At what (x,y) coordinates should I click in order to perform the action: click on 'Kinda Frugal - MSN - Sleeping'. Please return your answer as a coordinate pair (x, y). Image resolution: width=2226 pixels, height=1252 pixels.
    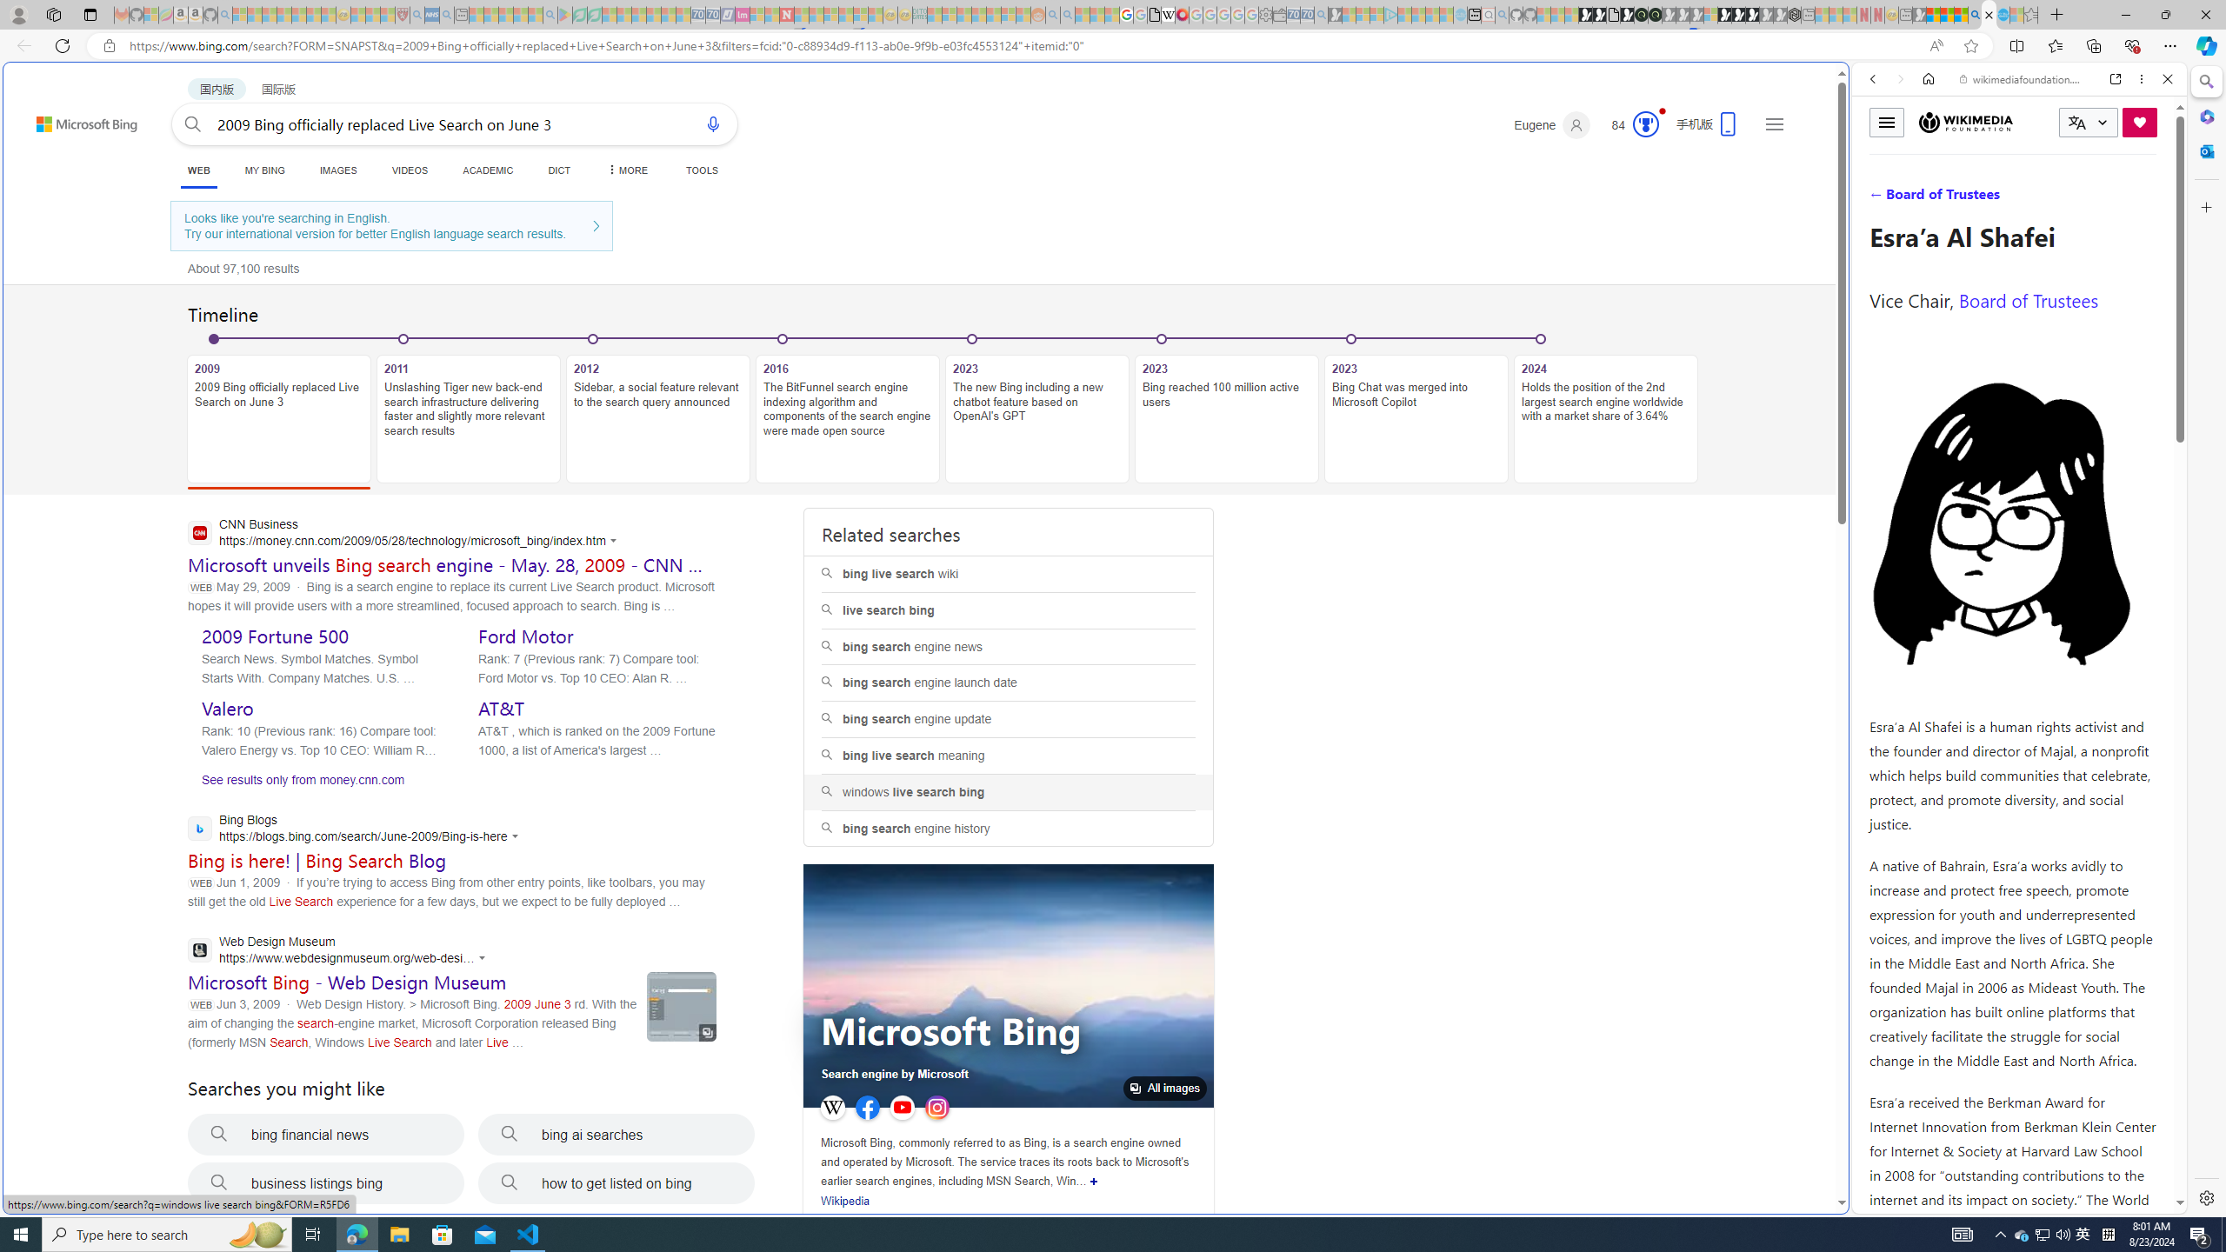
    Looking at the image, I should click on (993, 14).